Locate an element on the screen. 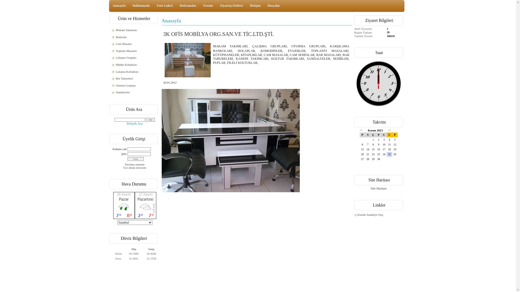 Image resolution: width=520 pixels, height=292 pixels. '16' is located at coordinates (378, 149).